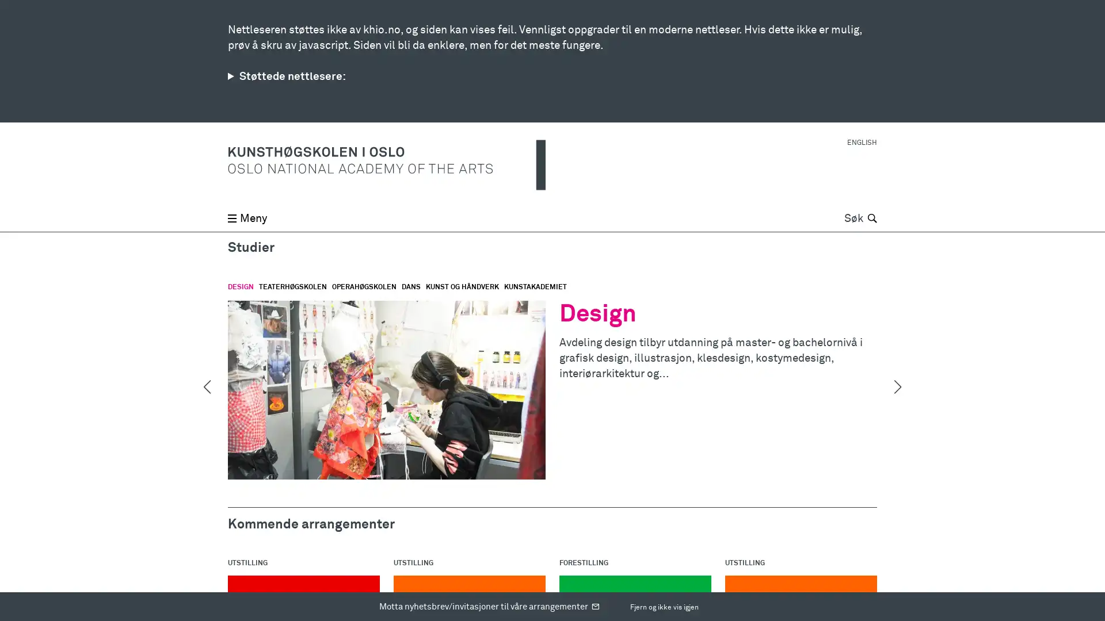  Describe the element at coordinates (247, 14) in the screenshot. I see `Meny` at that location.